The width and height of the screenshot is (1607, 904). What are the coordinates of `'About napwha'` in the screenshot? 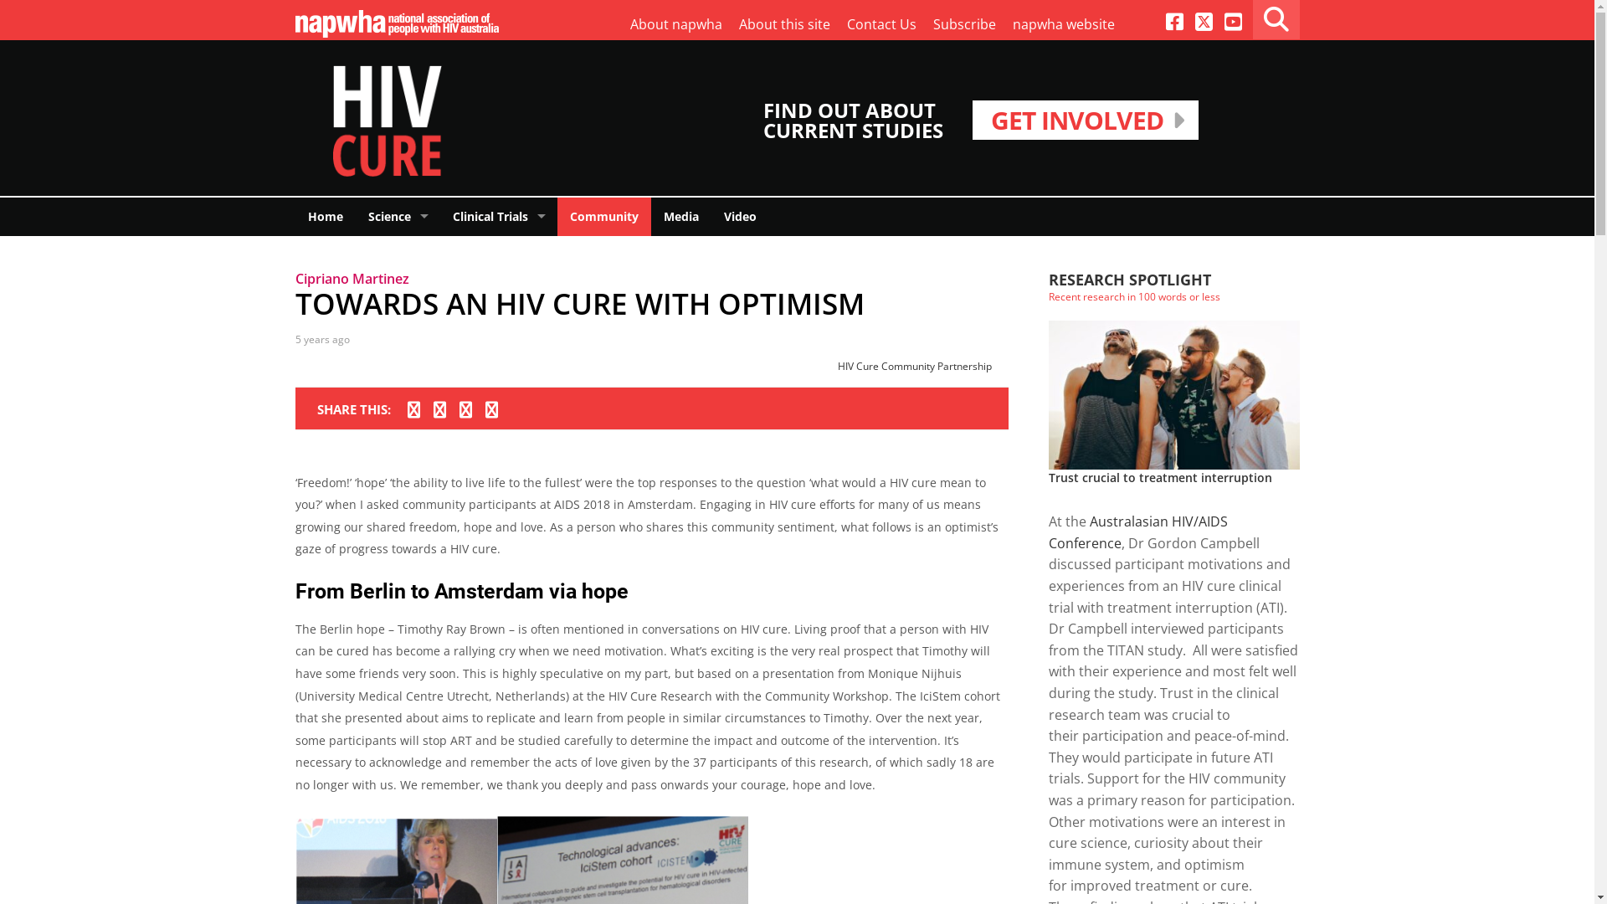 It's located at (675, 25).